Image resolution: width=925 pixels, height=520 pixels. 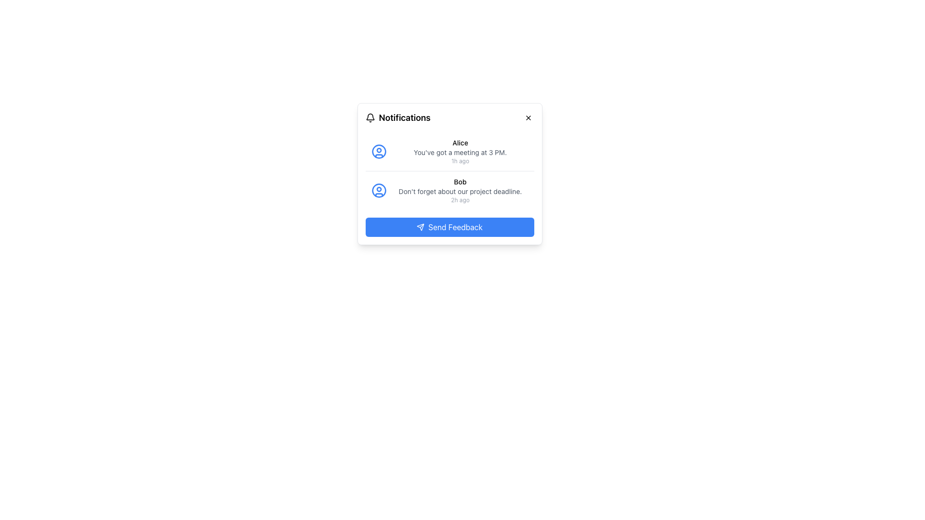 What do you see at coordinates (398, 117) in the screenshot?
I see `the text label reading 'Notifications' which is styled in a large, bold font and is located at the top-left corner of the notification card, visually aligned with a bell icon` at bounding box center [398, 117].